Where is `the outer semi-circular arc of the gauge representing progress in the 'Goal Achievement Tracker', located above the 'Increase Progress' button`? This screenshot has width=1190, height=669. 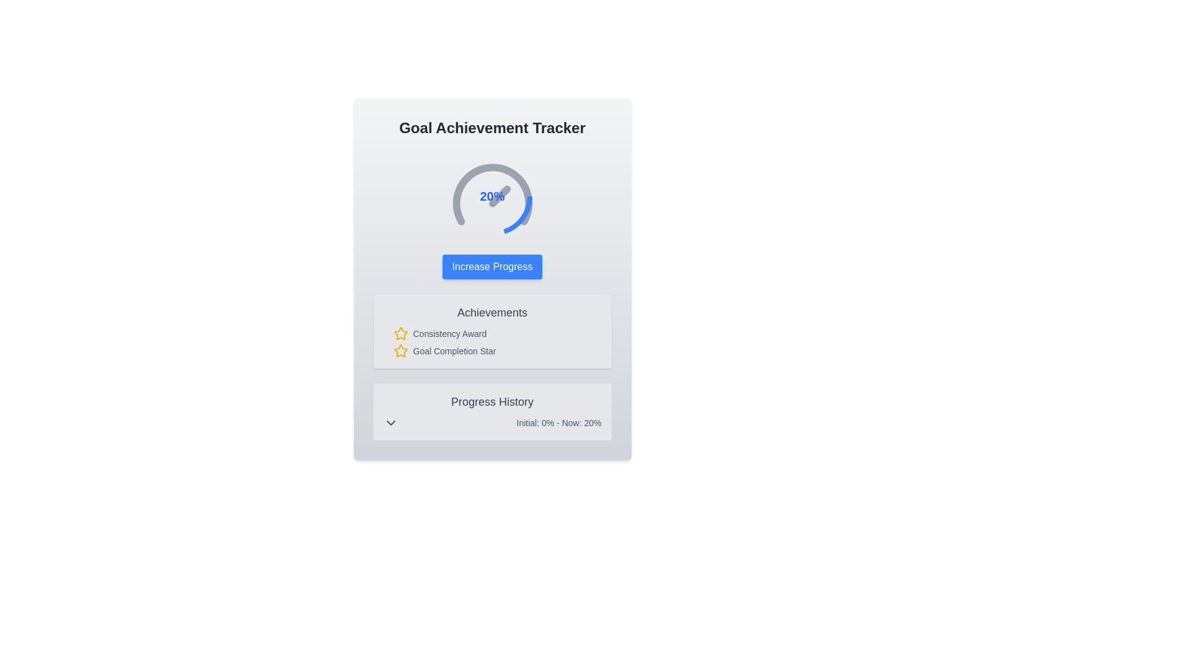
the outer semi-circular arc of the gauge representing progress in the 'Goal Achievement Tracker', located above the 'Increase Progress' button is located at coordinates (491, 195).